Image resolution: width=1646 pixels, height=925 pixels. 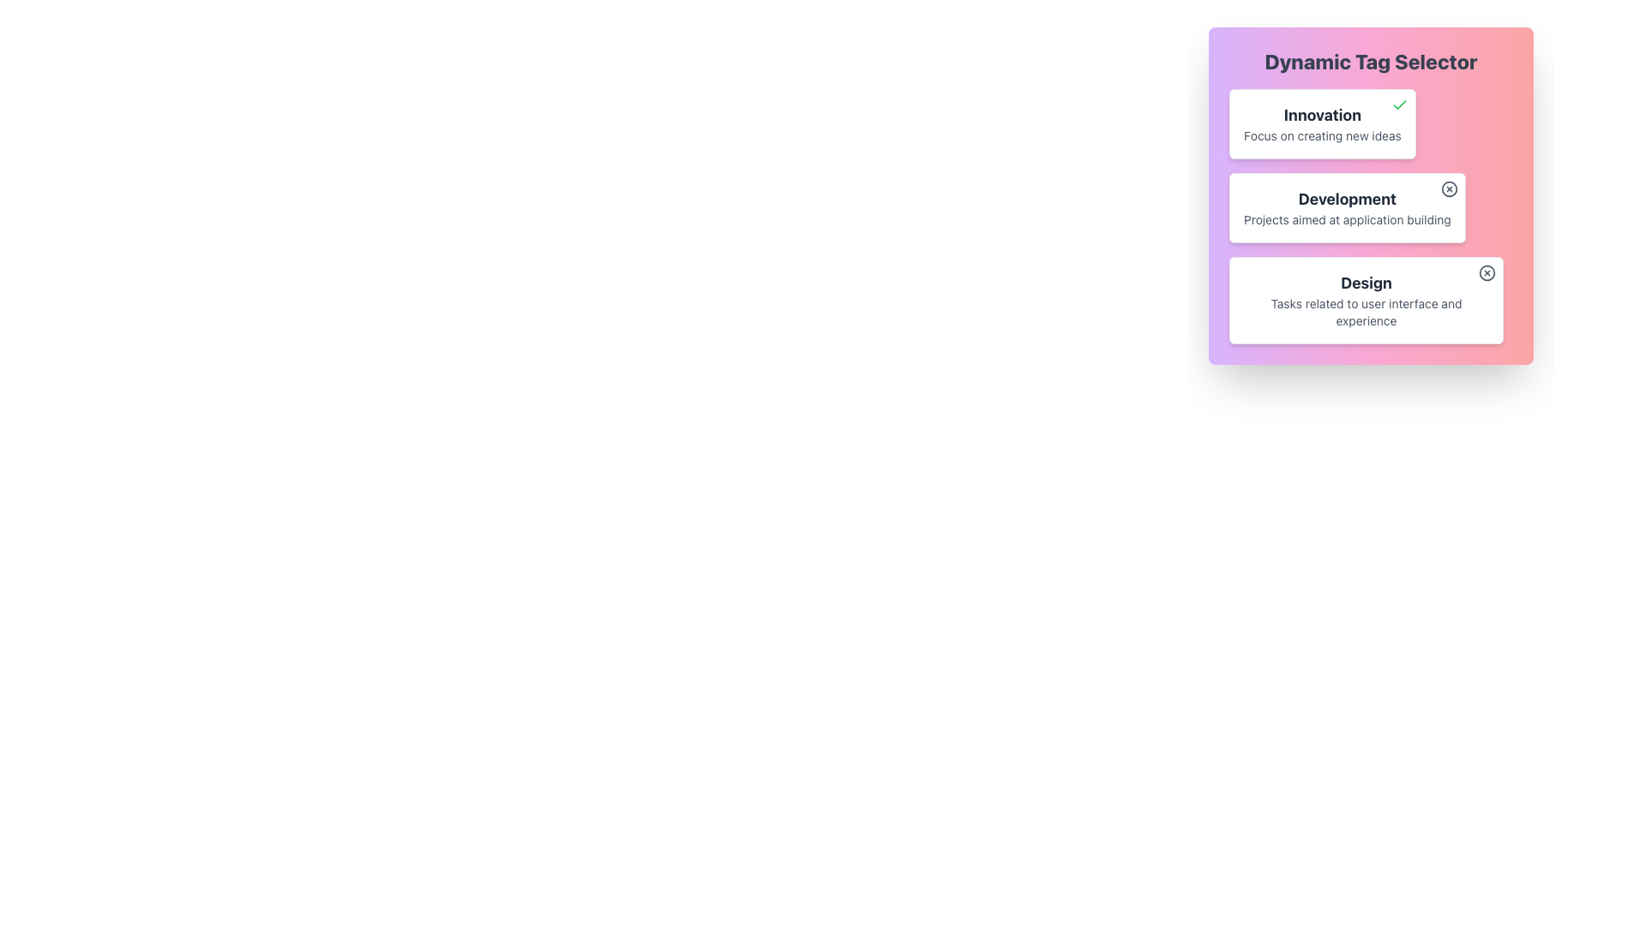 What do you see at coordinates (1399, 105) in the screenshot?
I see `the green checkmark icon located at the top right corner of the white card containing the text 'Innovation' and its description 'Focus on creating new ideas'` at bounding box center [1399, 105].